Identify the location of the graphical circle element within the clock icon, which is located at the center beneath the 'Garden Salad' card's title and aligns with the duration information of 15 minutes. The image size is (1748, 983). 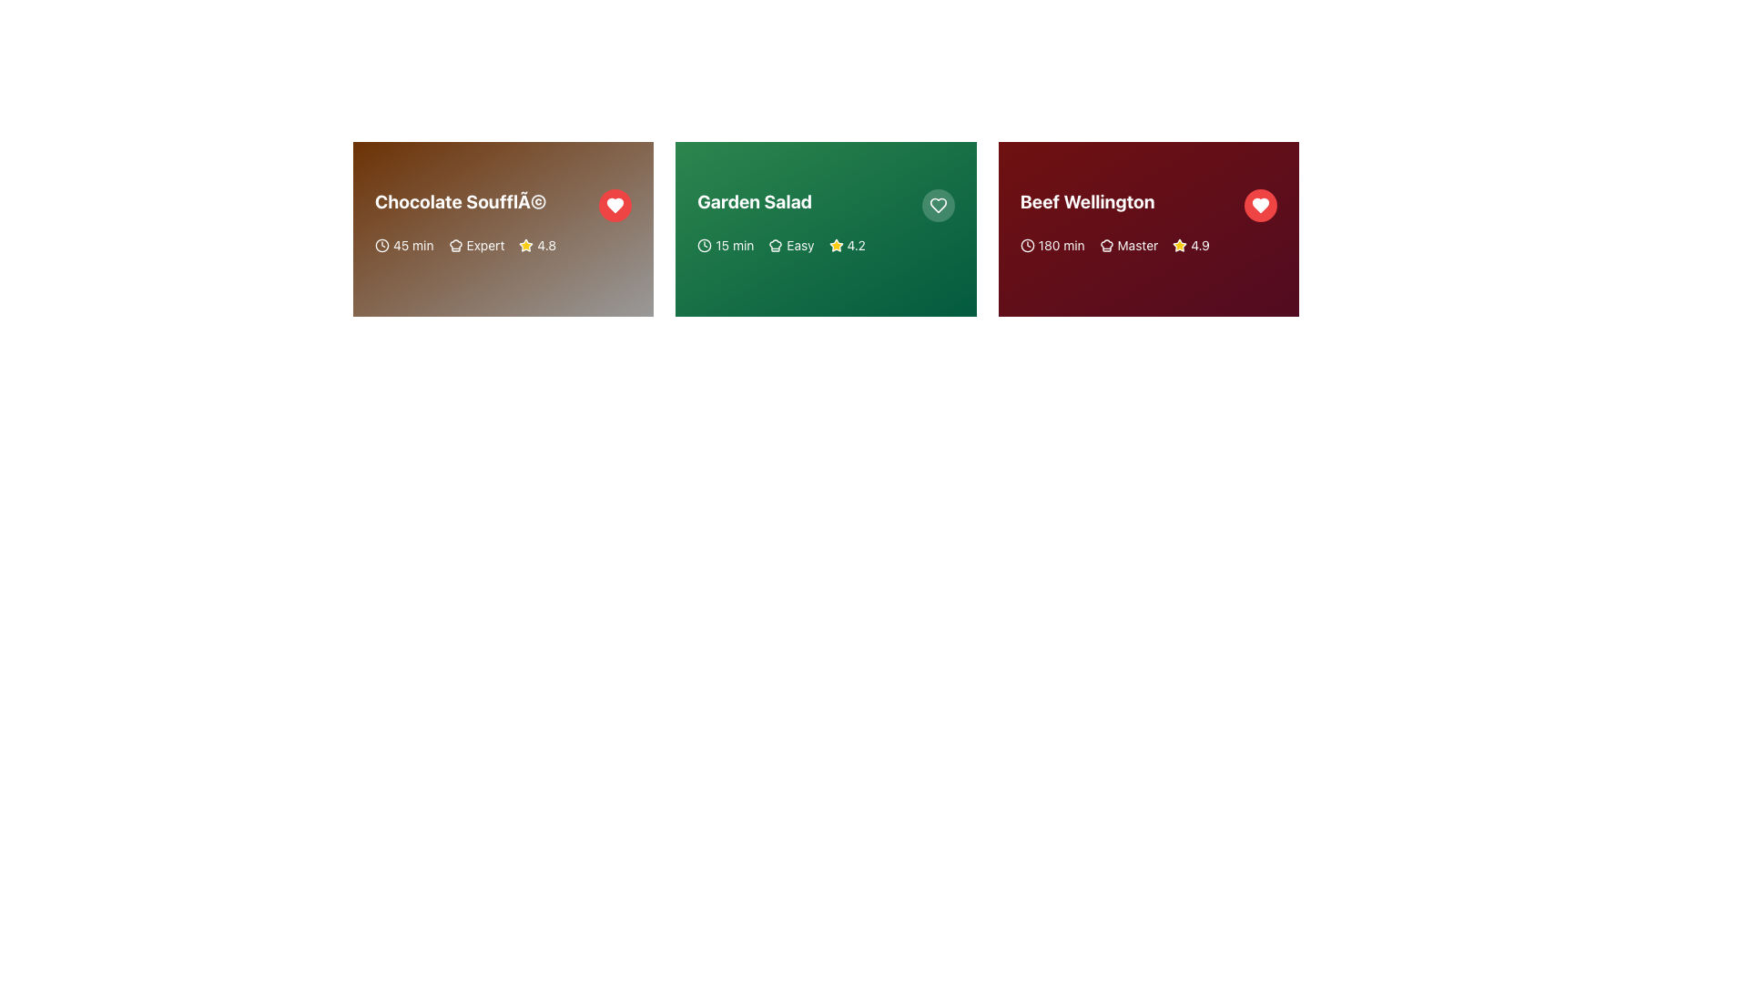
(704, 246).